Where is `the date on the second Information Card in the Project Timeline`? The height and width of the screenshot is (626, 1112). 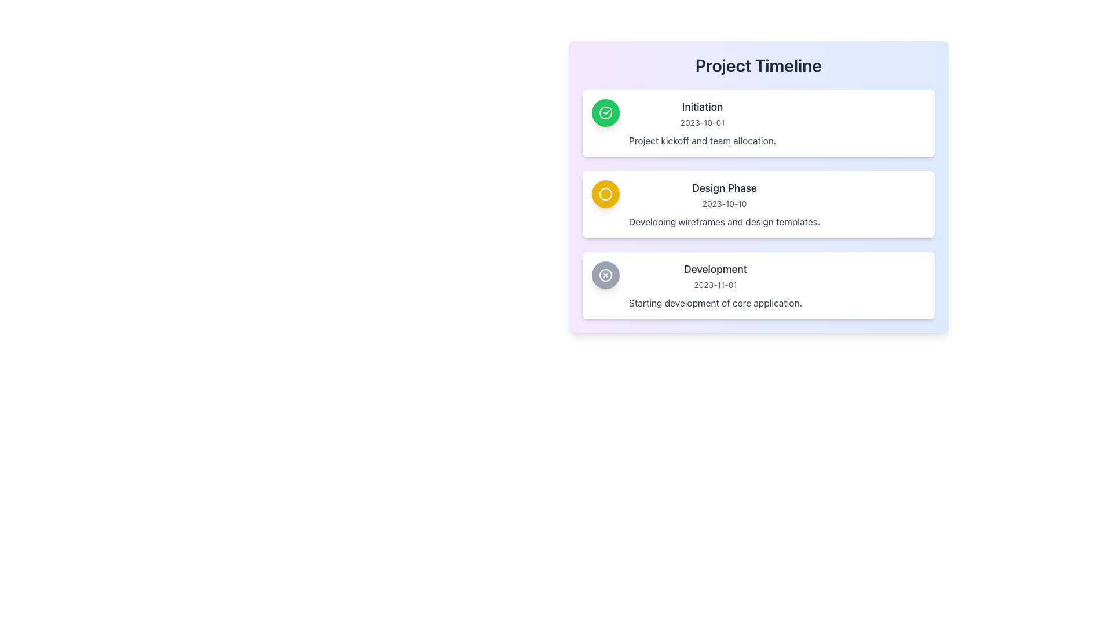
the date on the second Information Card in the Project Timeline is located at coordinates (724, 204).